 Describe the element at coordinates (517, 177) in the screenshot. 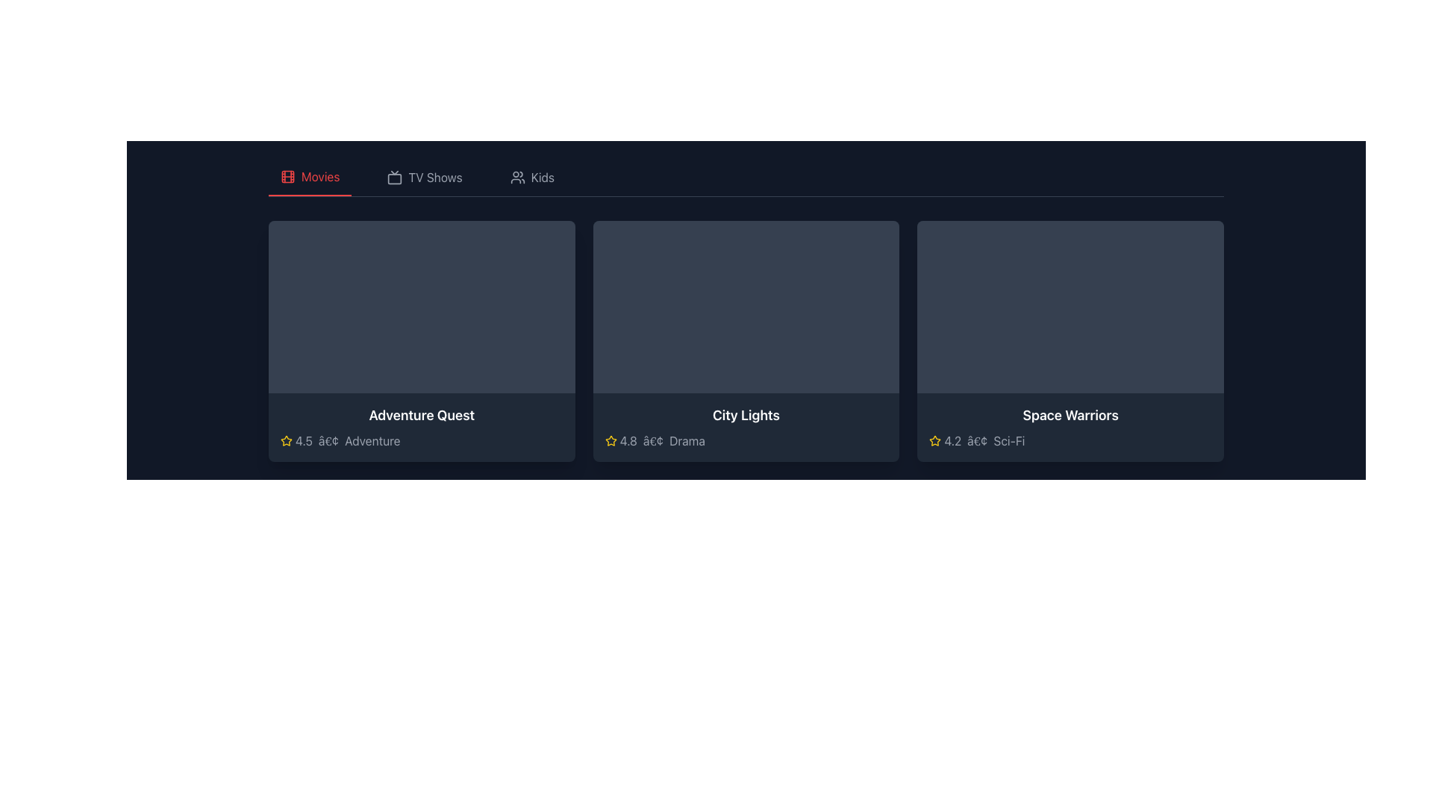

I see `the SVG icon representing multiple users in the 'Kids' tab section` at that location.